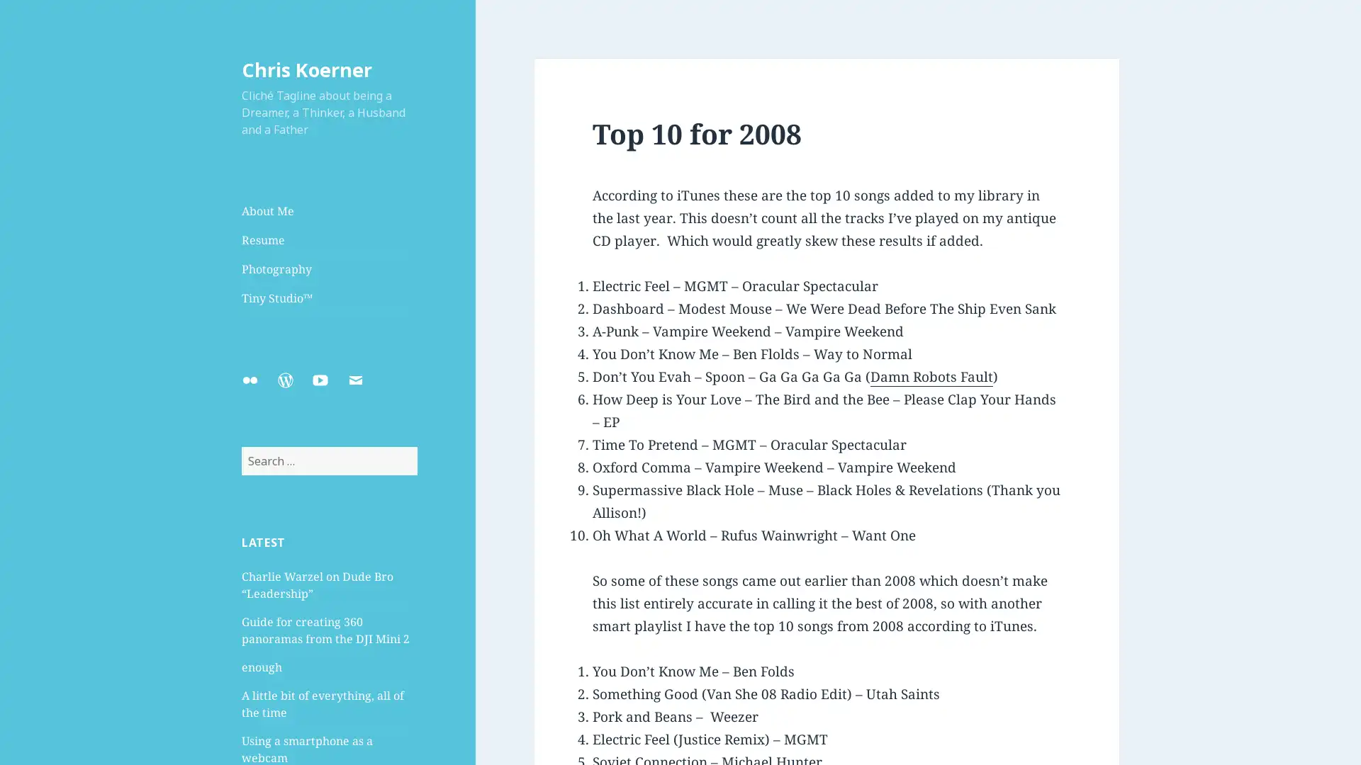  I want to click on Search, so click(415, 446).